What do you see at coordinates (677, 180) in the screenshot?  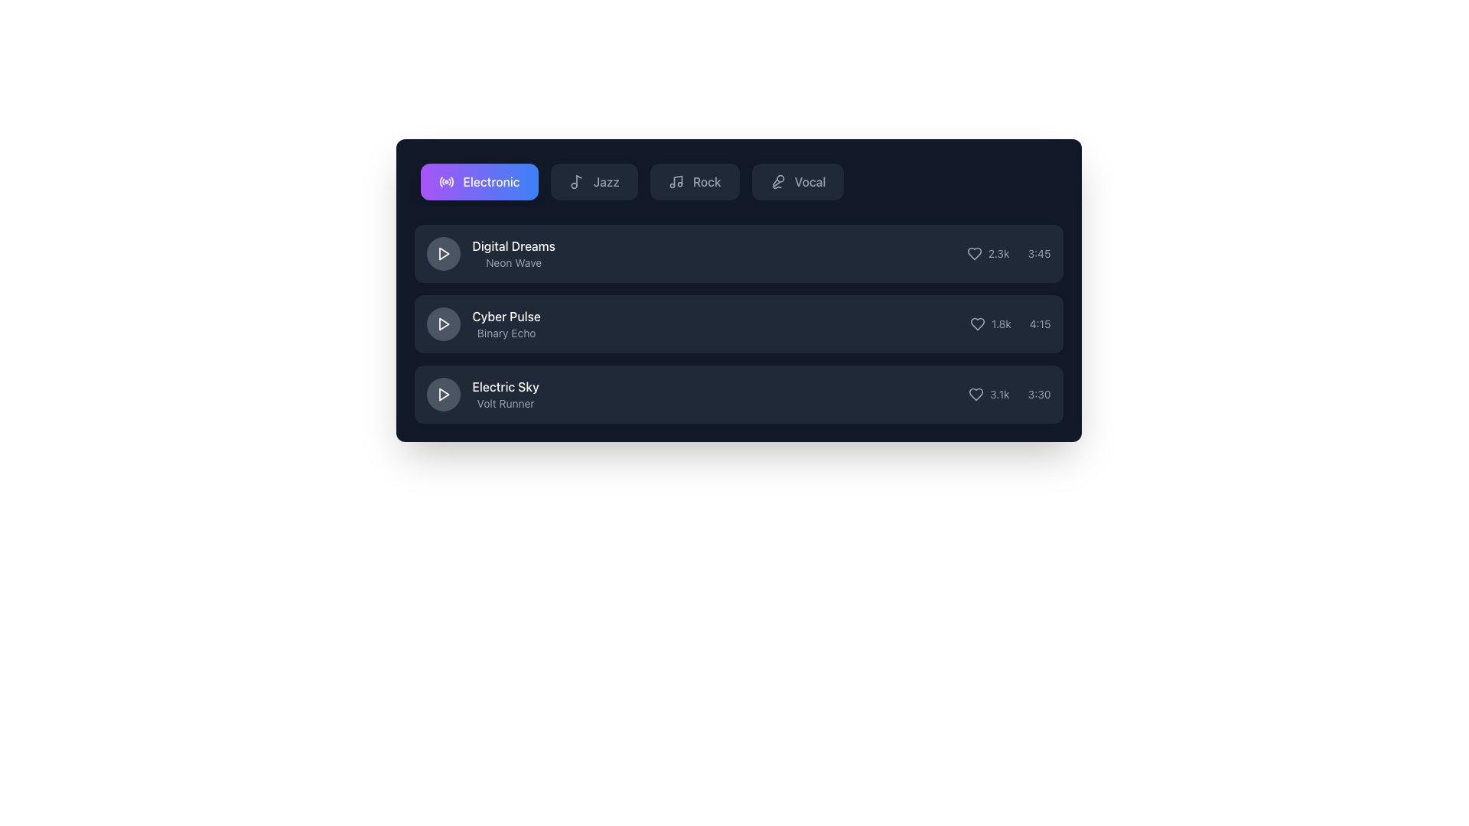 I see `the Rock genre icon, which is embedded within the 'Rock' button, the third button in the horizontal row of genre buttons at the top of the interface` at bounding box center [677, 180].